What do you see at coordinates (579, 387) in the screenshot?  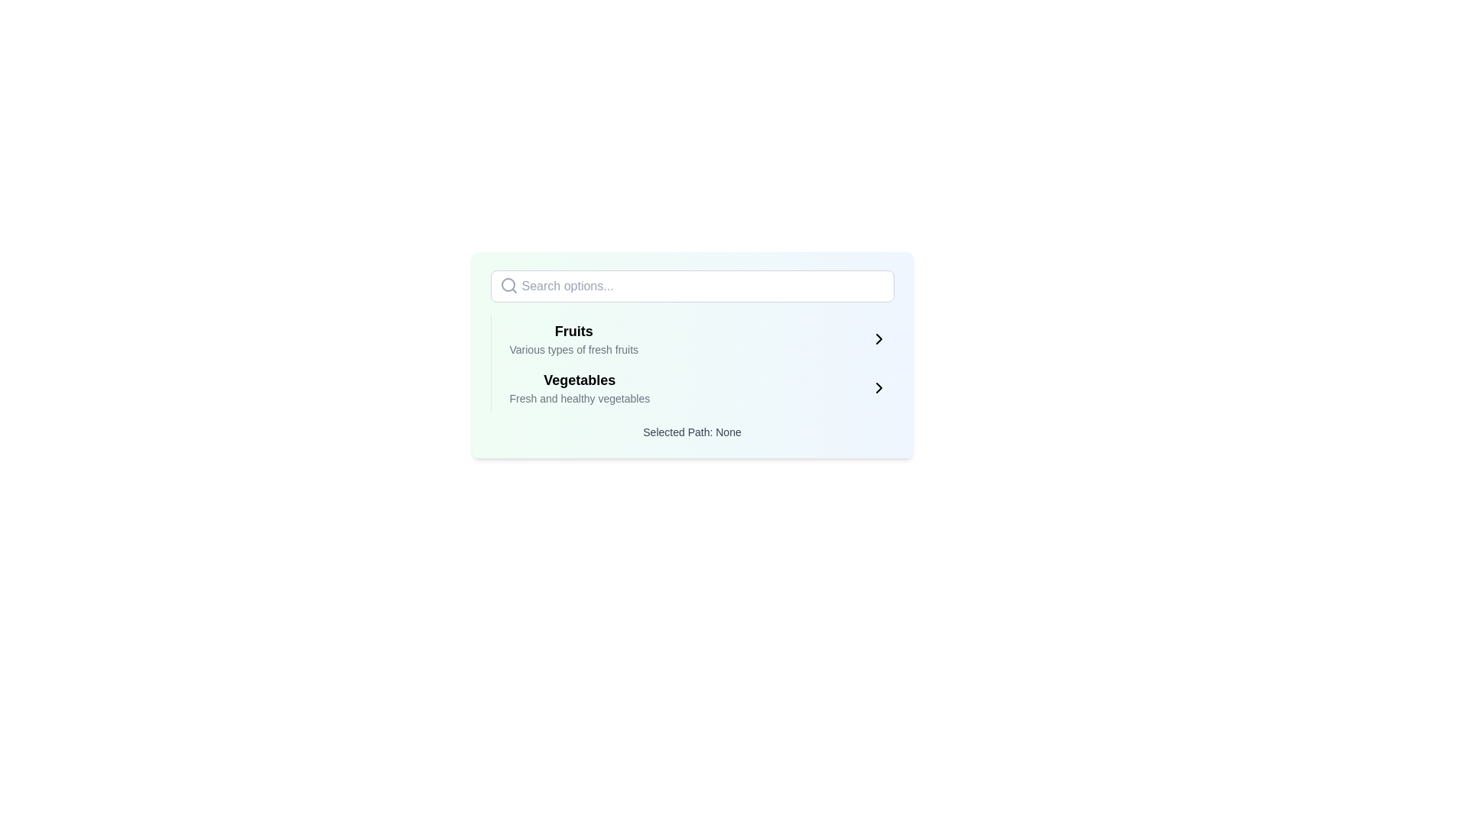 I see `the text block titled 'Vegetables' which contains a subtitle 'Fresh and healthy vegetables', located directly below the 'Fruits' item in the left section of the interface` at bounding box center [579, 387].